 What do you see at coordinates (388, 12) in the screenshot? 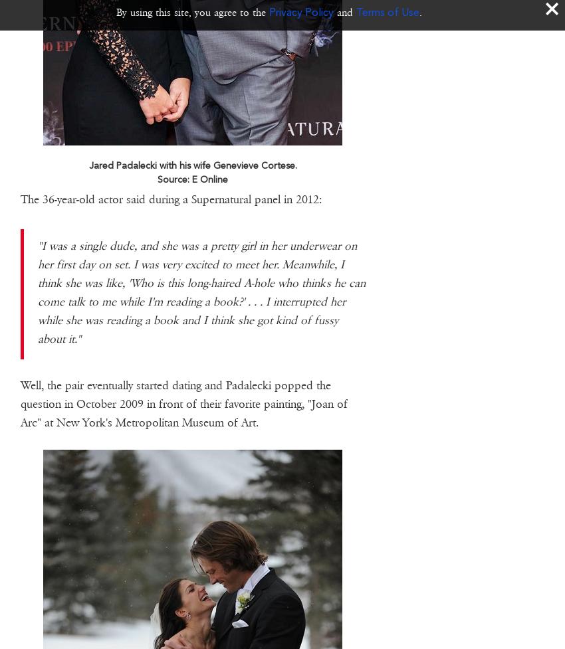
I see `'Terms of Use'` at bounding box center [388, 12].